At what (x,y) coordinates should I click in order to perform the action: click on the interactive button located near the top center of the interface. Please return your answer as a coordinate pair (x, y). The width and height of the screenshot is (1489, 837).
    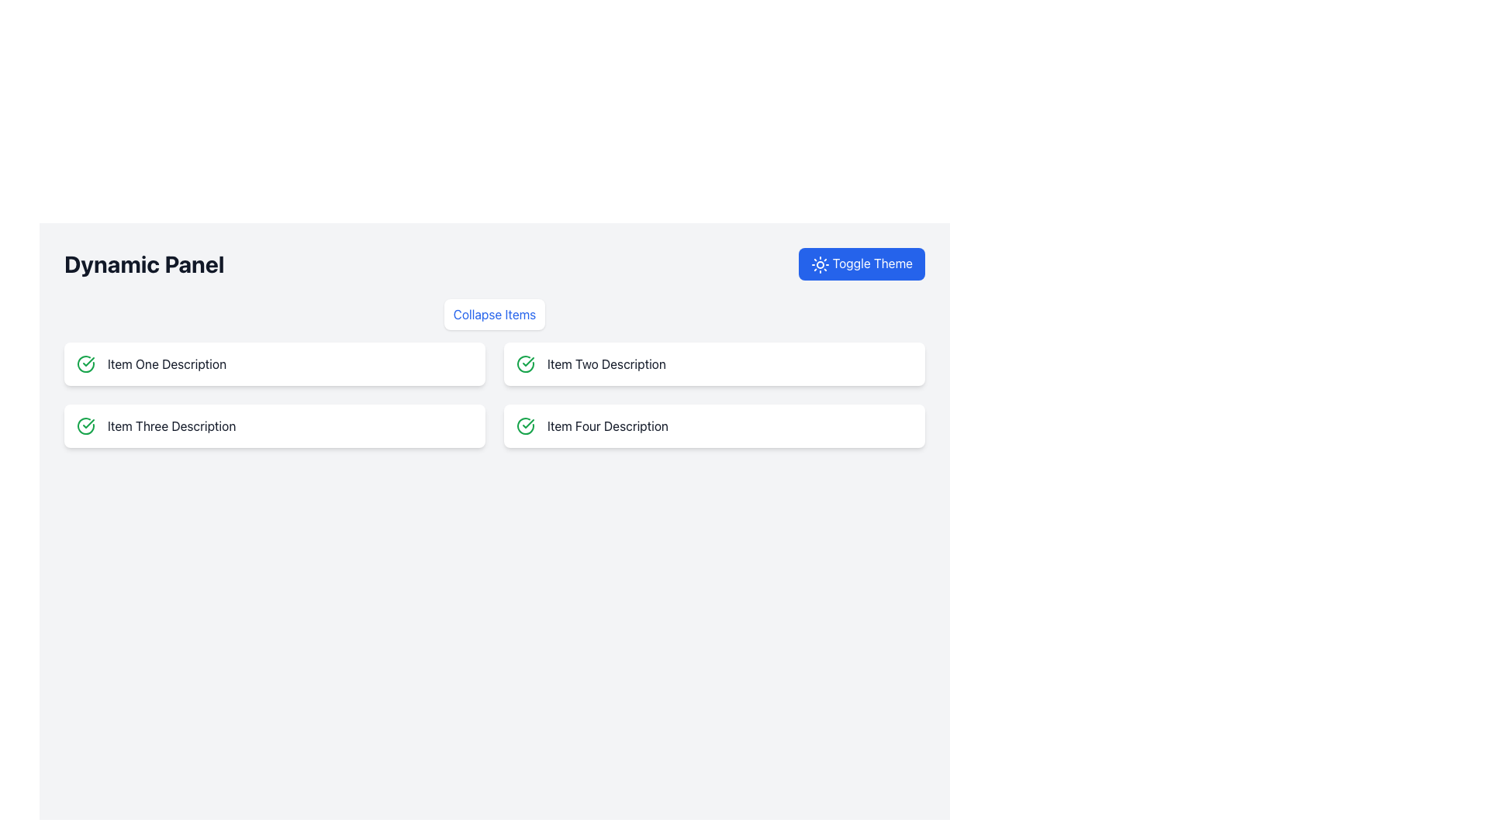
    Looking at the image, I should click on (494, 314).